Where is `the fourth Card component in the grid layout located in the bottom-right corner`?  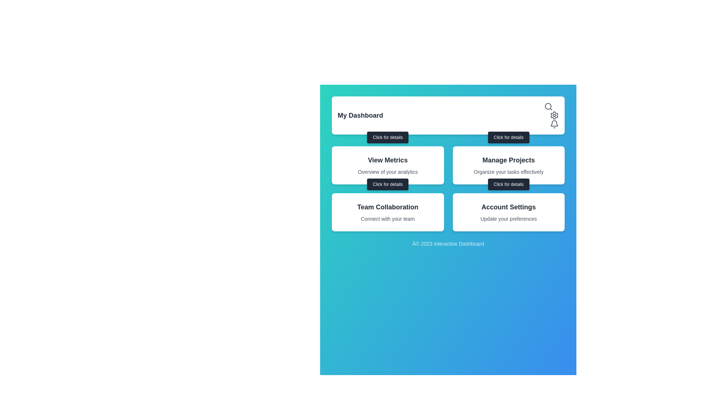
the fourth Card component in the grid layout located in the bottom-right corner is located at coordinates (508, 212).